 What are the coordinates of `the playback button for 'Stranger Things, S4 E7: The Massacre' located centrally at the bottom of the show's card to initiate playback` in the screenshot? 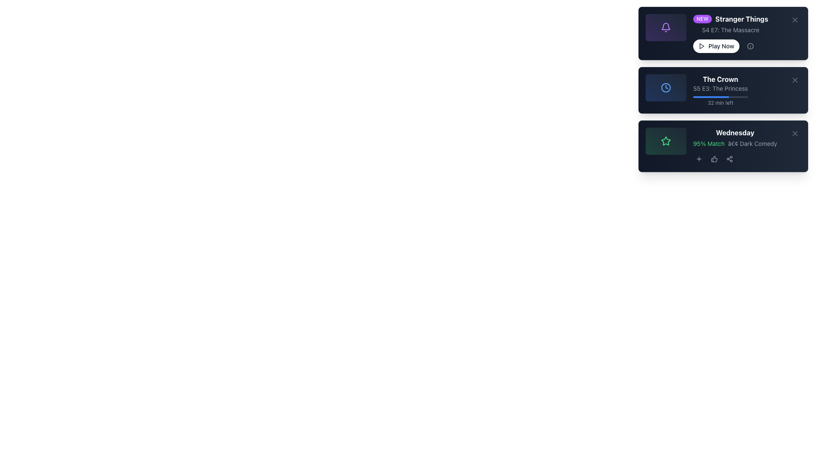 It's located at (730, 46).